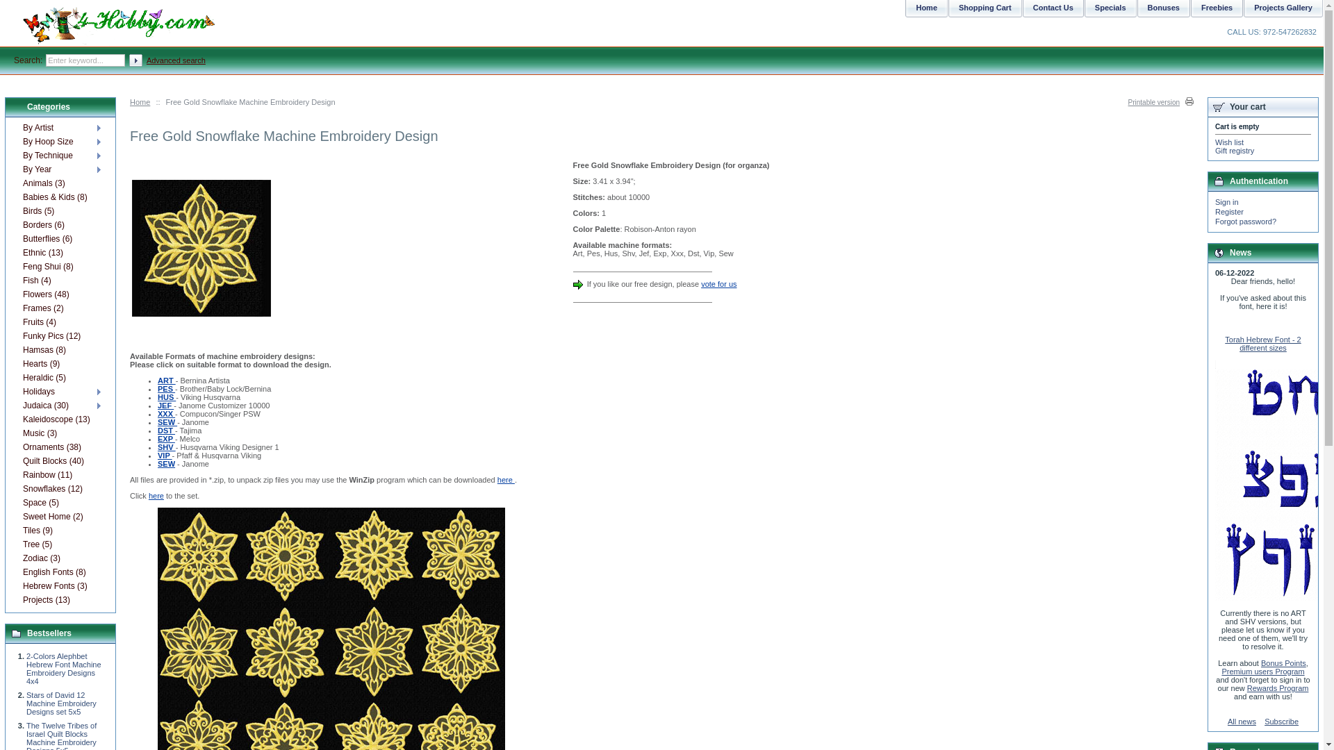  What do you see at coordinates (1160, 101) in the screenshot?
I see `'Printable version'` at bounding box center [1160, 101].